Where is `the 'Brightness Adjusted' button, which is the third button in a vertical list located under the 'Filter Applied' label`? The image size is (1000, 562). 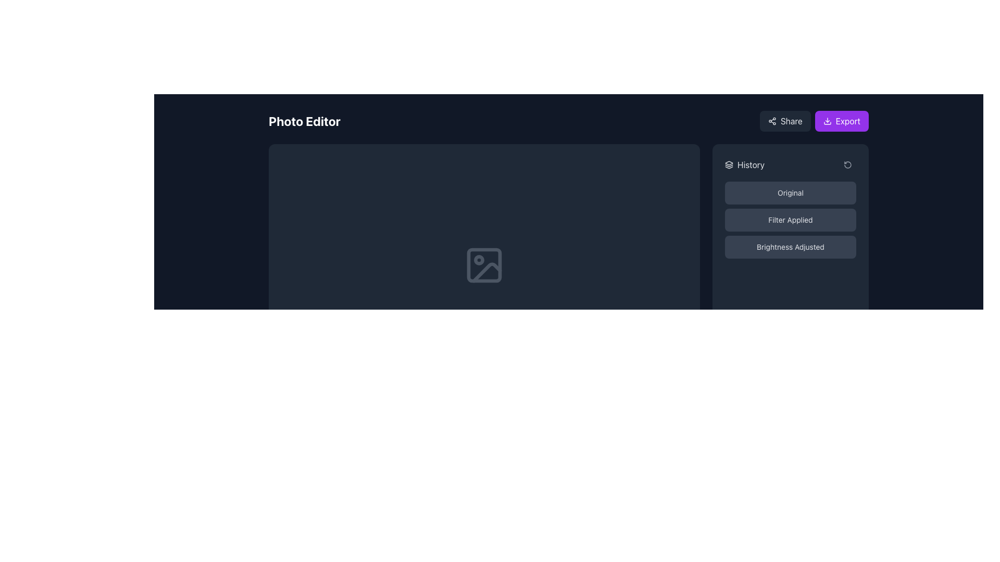 the 'Brightness Adjusted' button, which is the third button in a vertical list located under the 'Filter Applied' label is located at coordinates (790, 247).